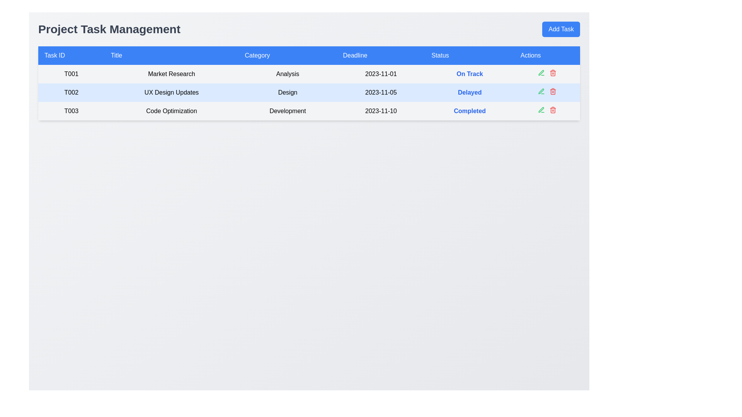 This screenshot has width=742, height=417. What do you see at coordinates (381, 111) in the screenshot?
I see `the text label displaying the date '2023-11-10' in the 'Deadline' column of the task 'T003' row in the data table` at bounding box center [381, 111].